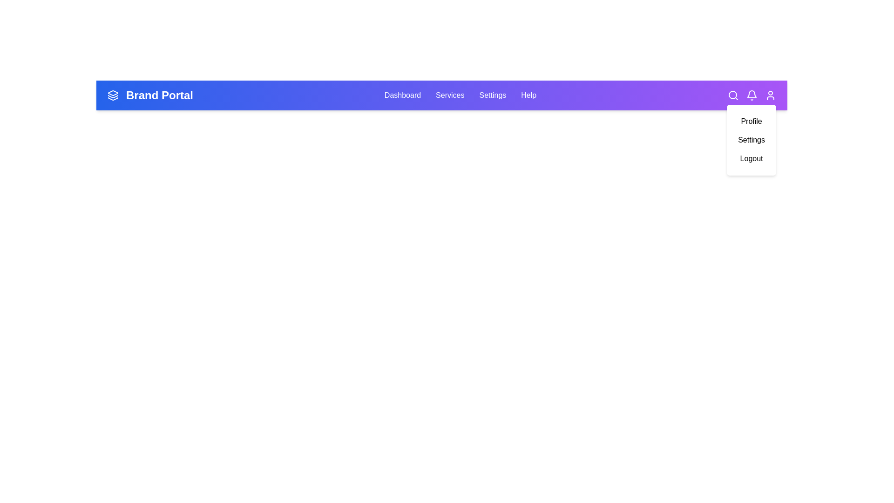 This screenshot has height=503, width=894. Describe the element at coordinates (732, 95) in the screenshot. I see `the search icon, which is a white magnifying glass with a round outline located in the top-right corner of the navigation bar` at that location.